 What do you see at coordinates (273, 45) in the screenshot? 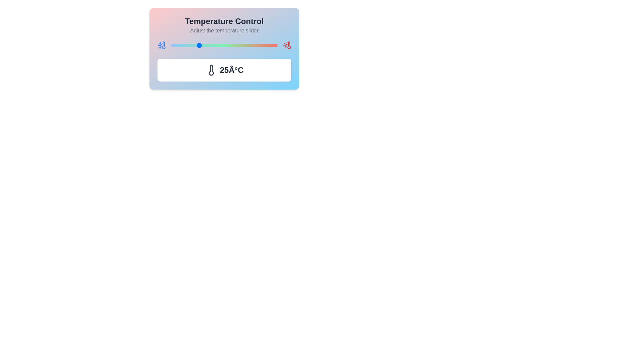
I see `the temperature to 96°C by adjusting the slider` at bounding box center [273, 45].